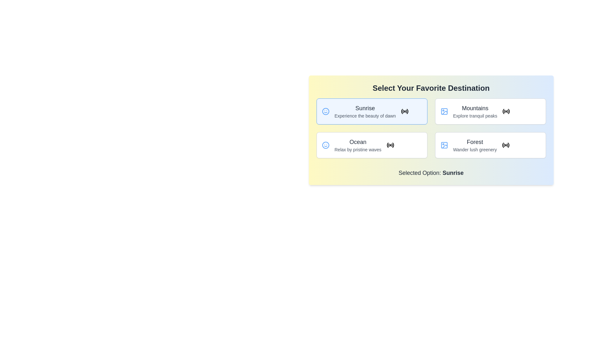 The height and width of the screenshot is (344, 612). What do you see at coordinates (444, 111) in the screenshot?
I see `the 'Mountains' icon, which is the left-most element in the 'Mountains' card in the destination selection interface` at bounding box center [444, 111].